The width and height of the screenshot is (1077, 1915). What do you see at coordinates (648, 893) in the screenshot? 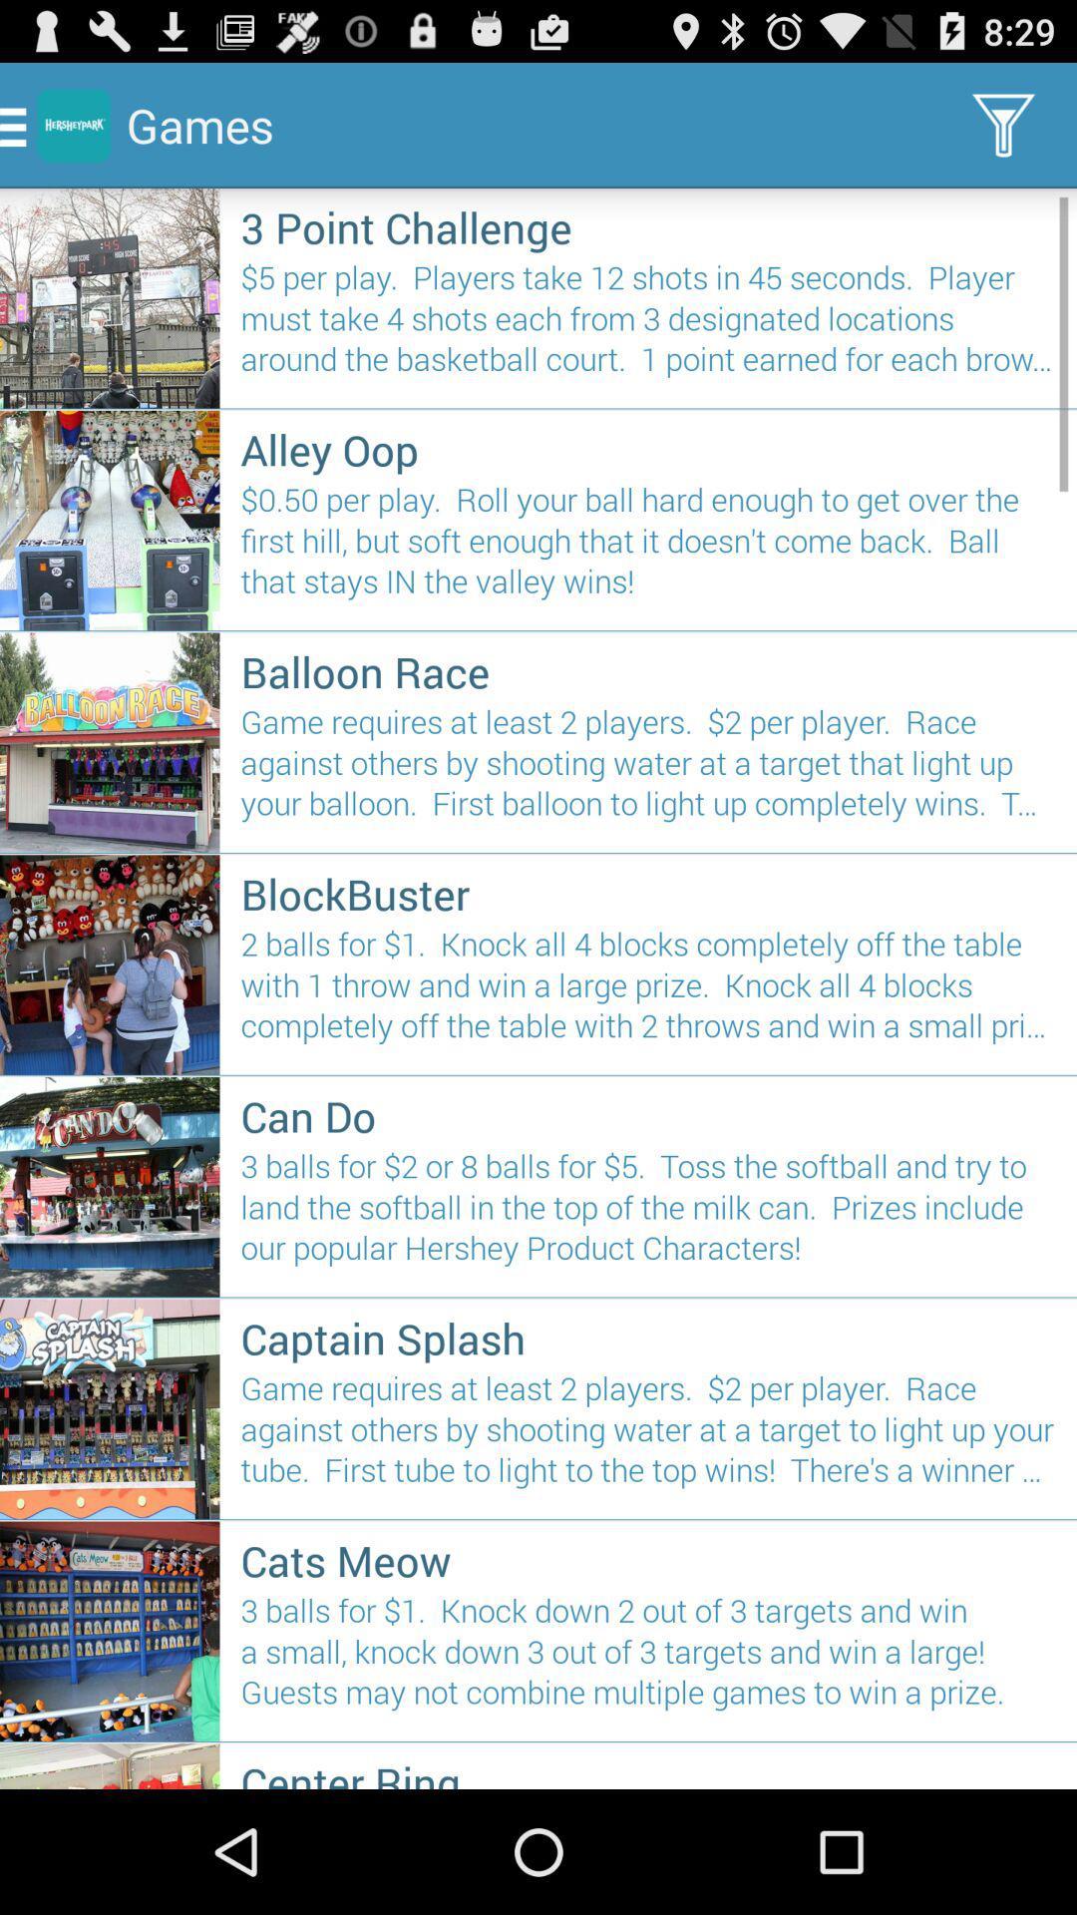
I see `the item above the 2 balls for` at bounding box center [648, 893].